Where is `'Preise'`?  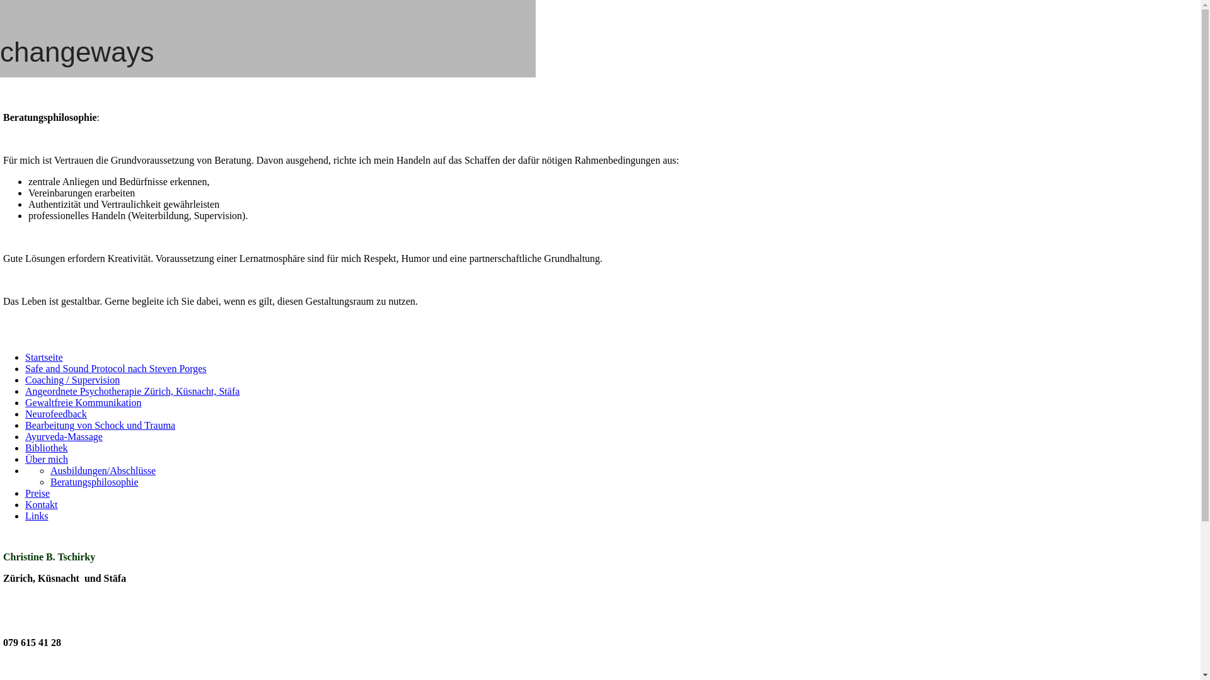 'Preise' is located at coordinates (37, 492).